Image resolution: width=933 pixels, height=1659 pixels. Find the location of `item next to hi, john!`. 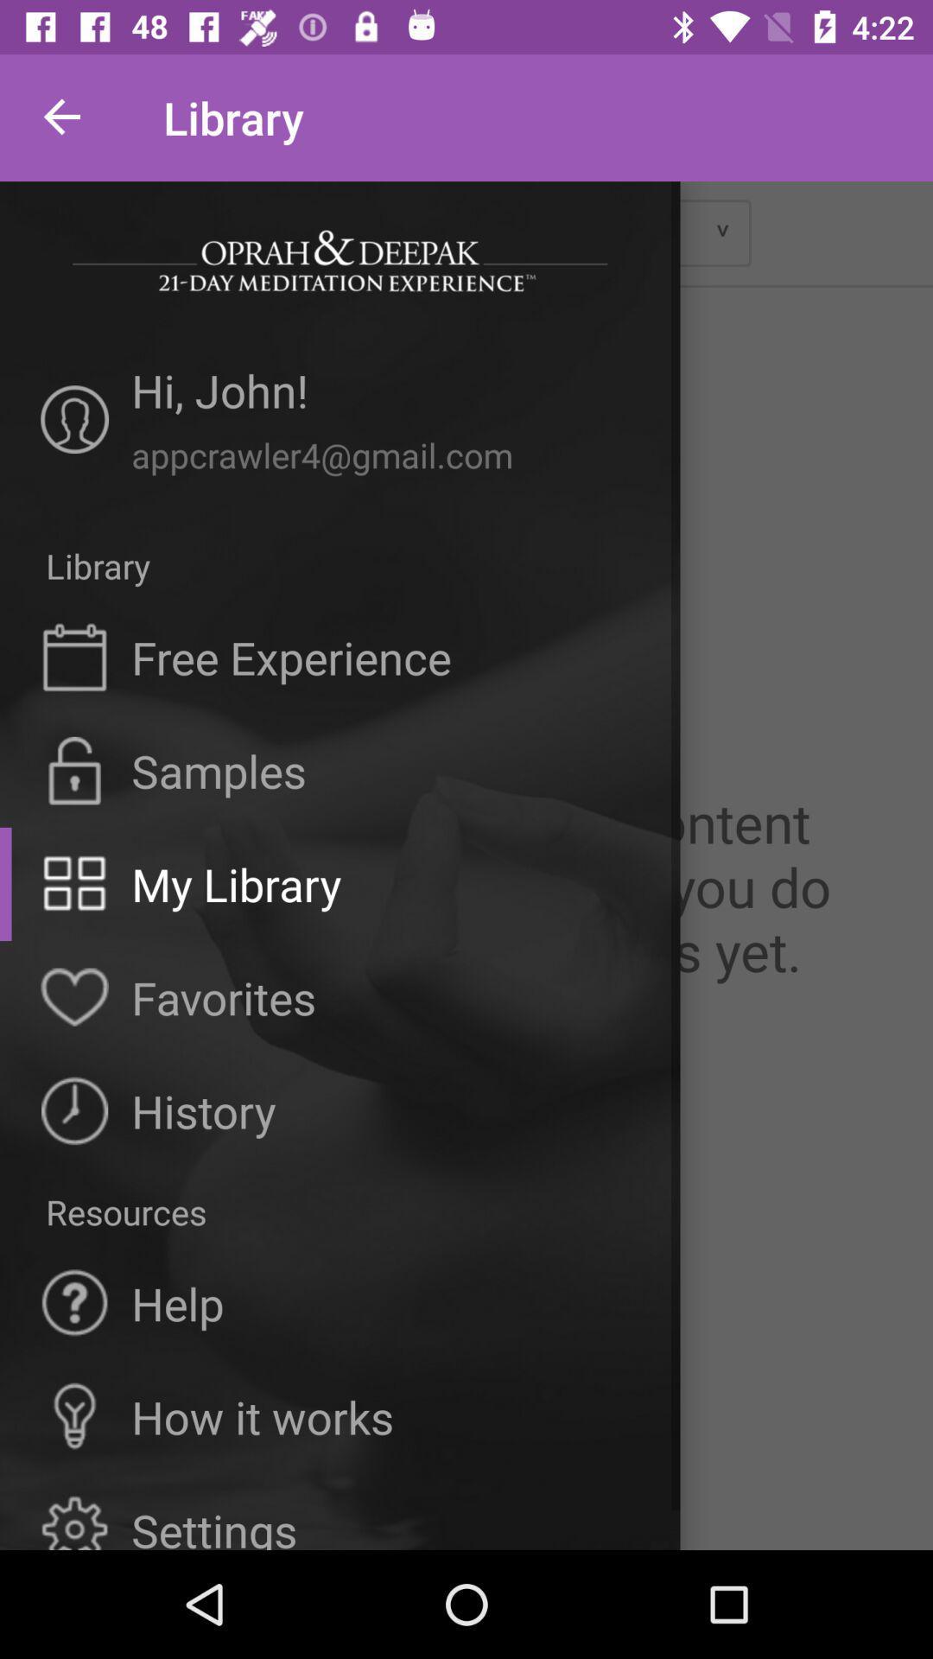

item next to hi, john! is located at coordinates (73, 419).